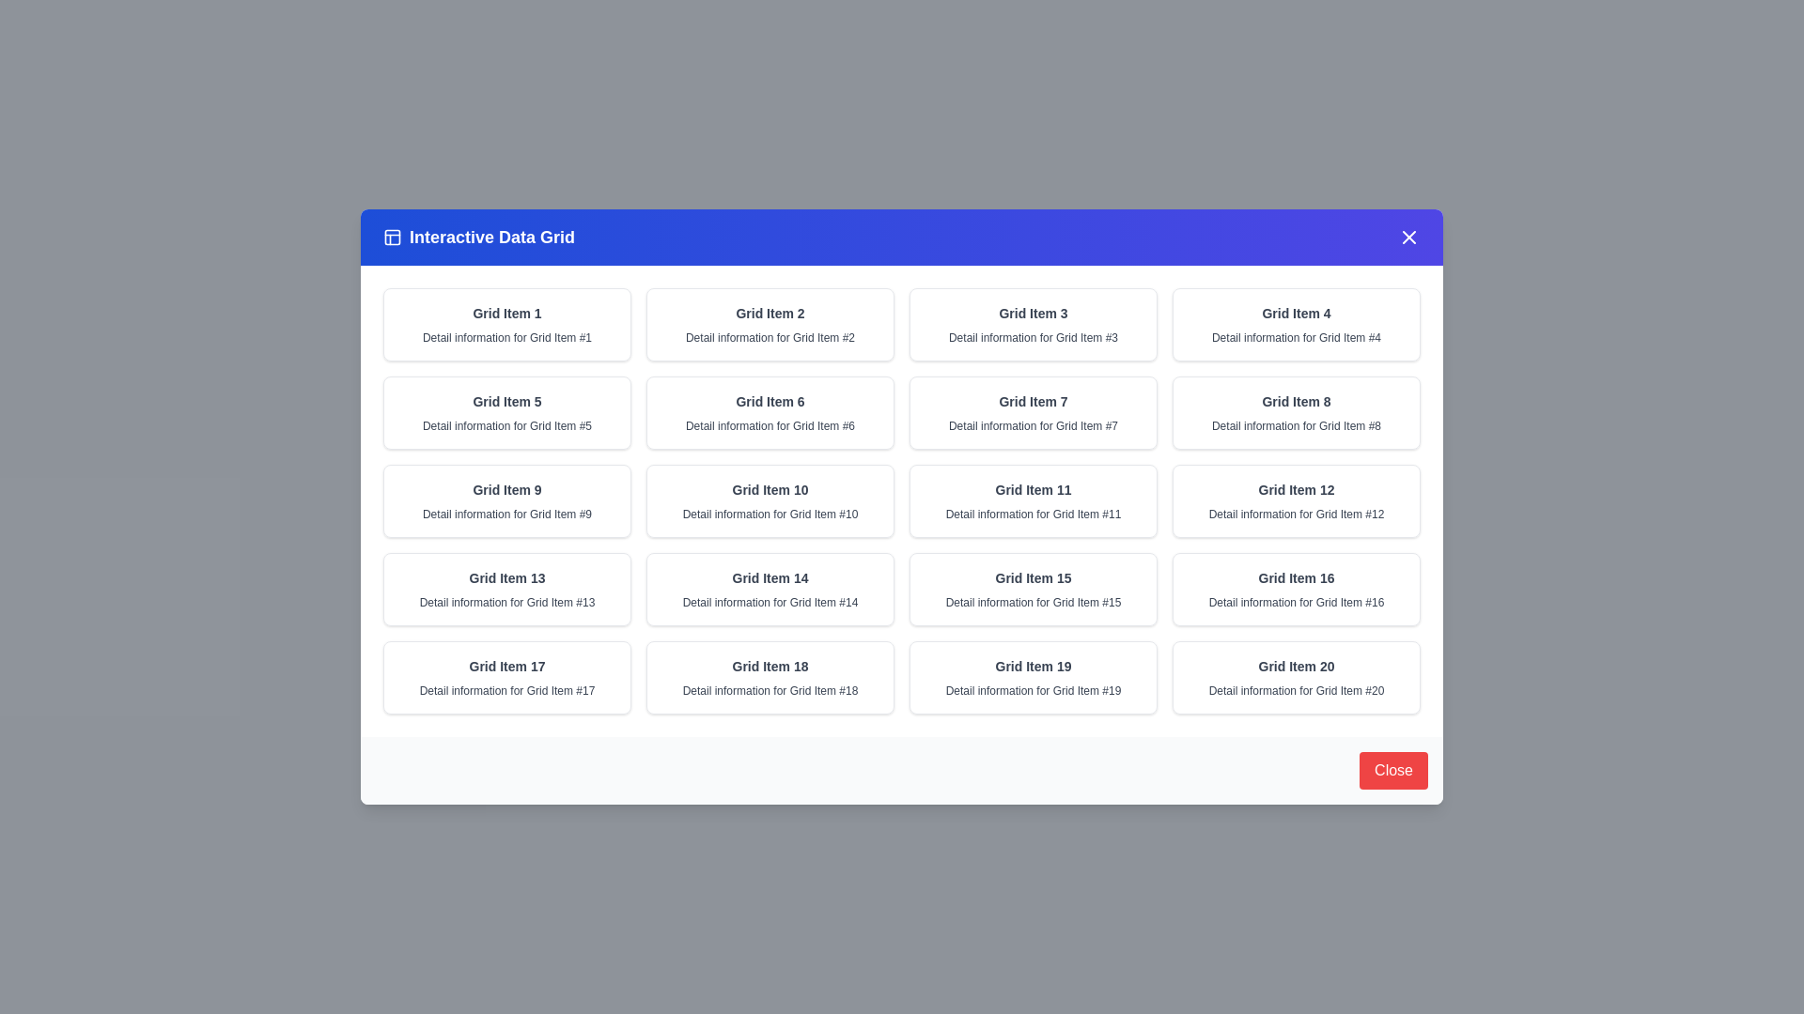  I want to click on the close button in the dialog header to close the dialog, so click(1408, 237).